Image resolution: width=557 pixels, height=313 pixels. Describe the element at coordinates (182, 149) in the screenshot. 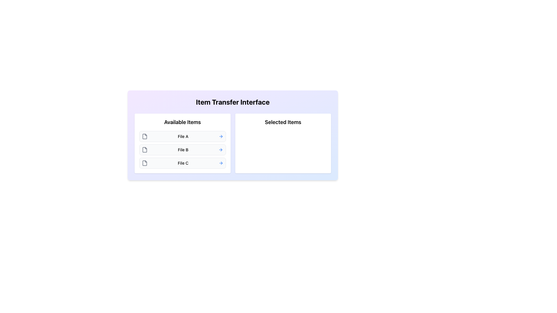

I see `the second item labeled 'File B' in the 'Available Items' list` at that location.